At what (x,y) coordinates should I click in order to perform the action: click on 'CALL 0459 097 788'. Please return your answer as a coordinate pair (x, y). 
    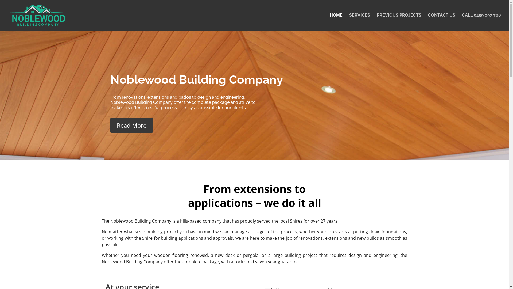
    Looking at the image, I should click on (481, 21).